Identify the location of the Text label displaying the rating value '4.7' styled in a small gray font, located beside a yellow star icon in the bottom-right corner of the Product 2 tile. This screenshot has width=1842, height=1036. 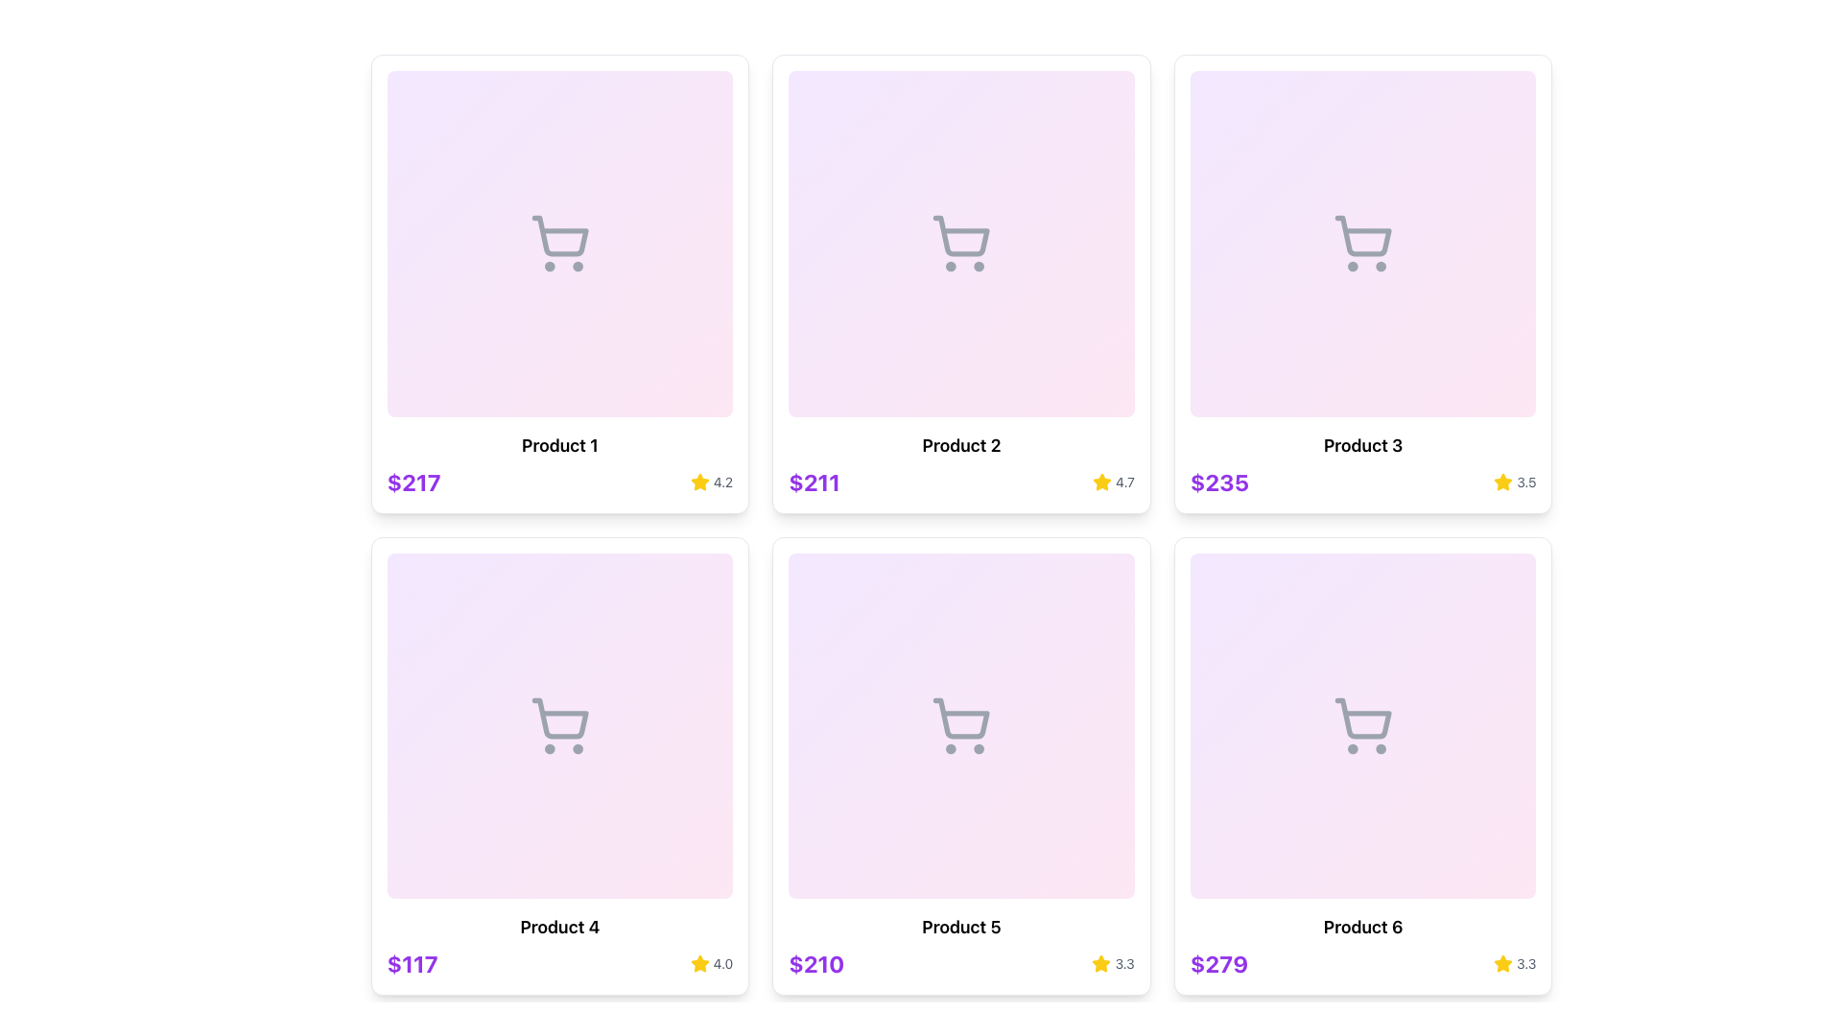
(1124, 481).